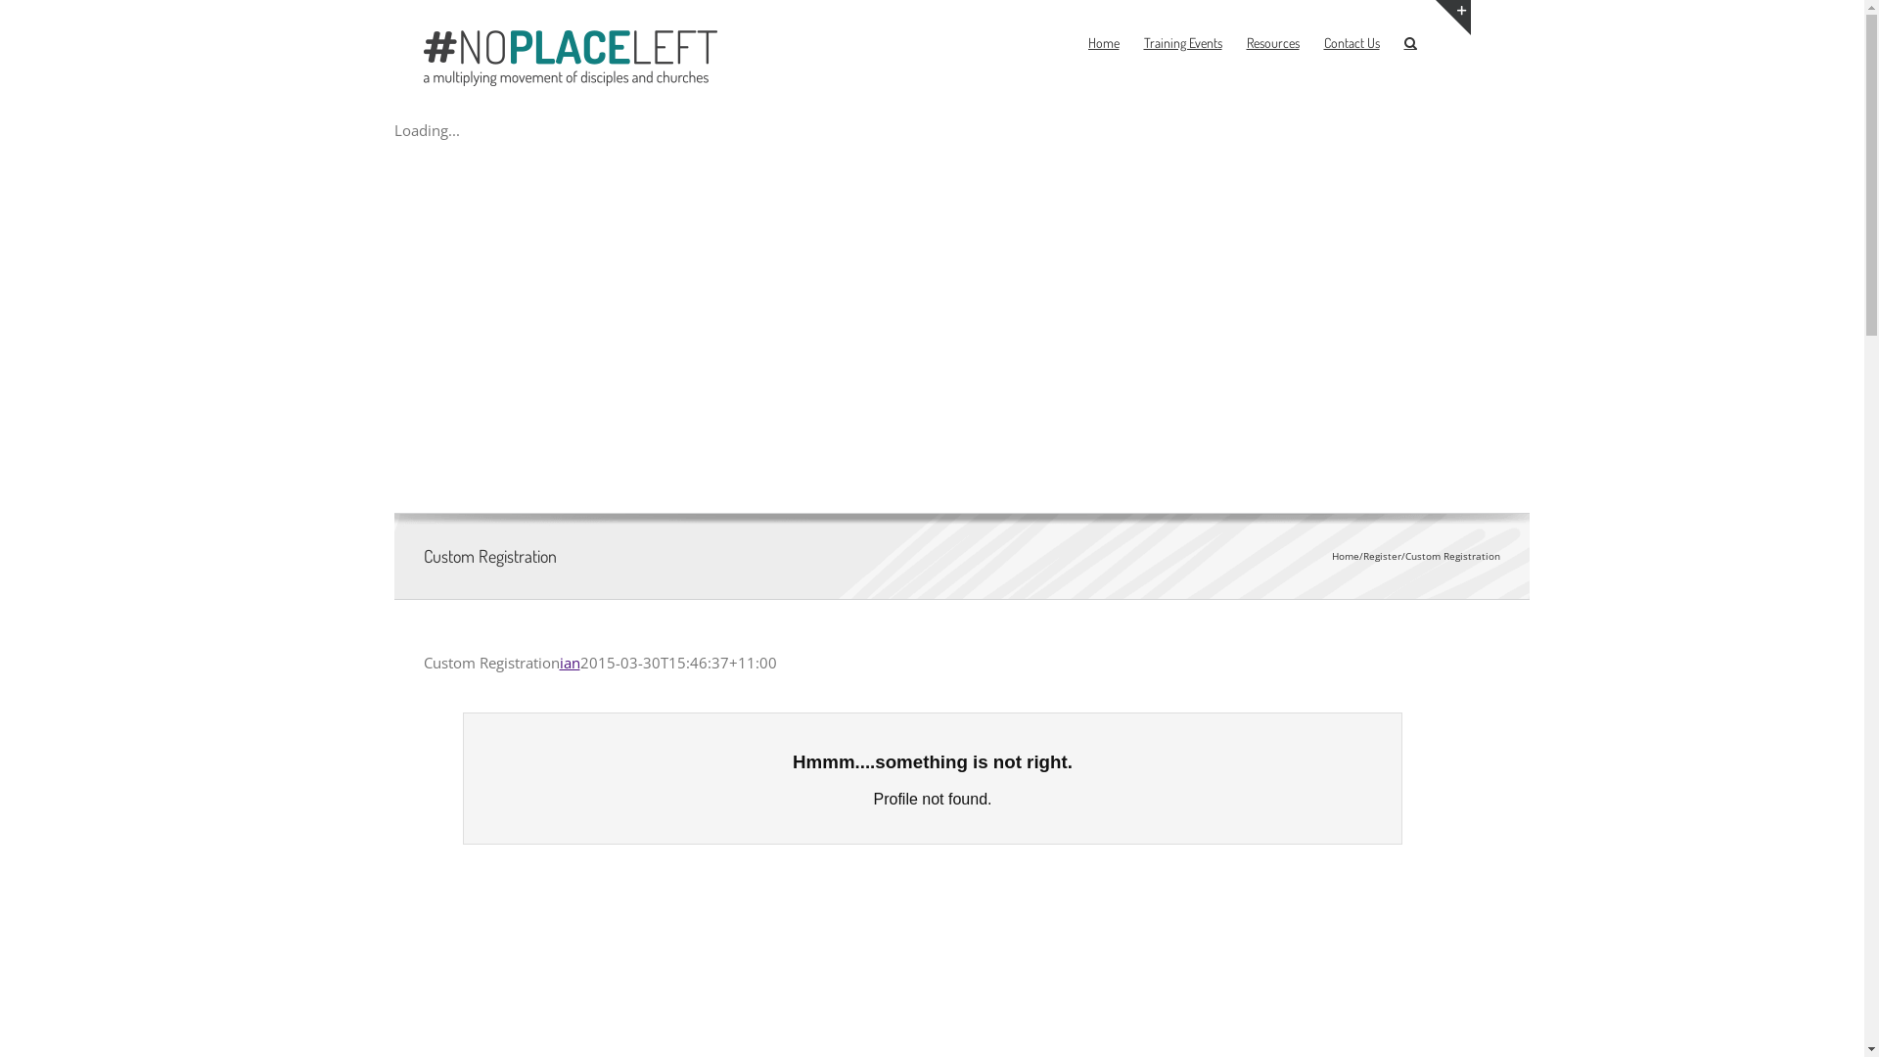 Image resolution: width=1879 pixels, height=1057 pixels. I want to click on 'Training Events', so click(1181, 41).